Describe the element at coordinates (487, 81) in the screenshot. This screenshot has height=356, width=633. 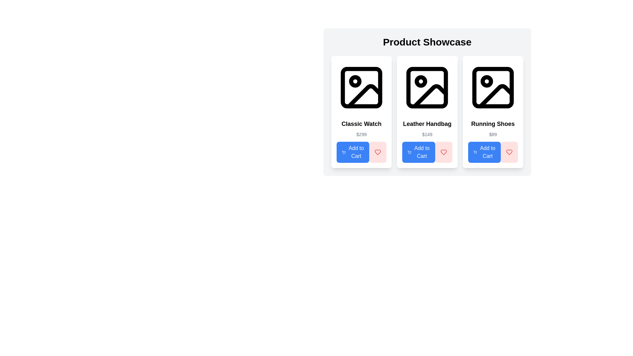
I see `the small black circular shape with a white center located at the upper left of the 'Running Shoes' product image icon` at that location.